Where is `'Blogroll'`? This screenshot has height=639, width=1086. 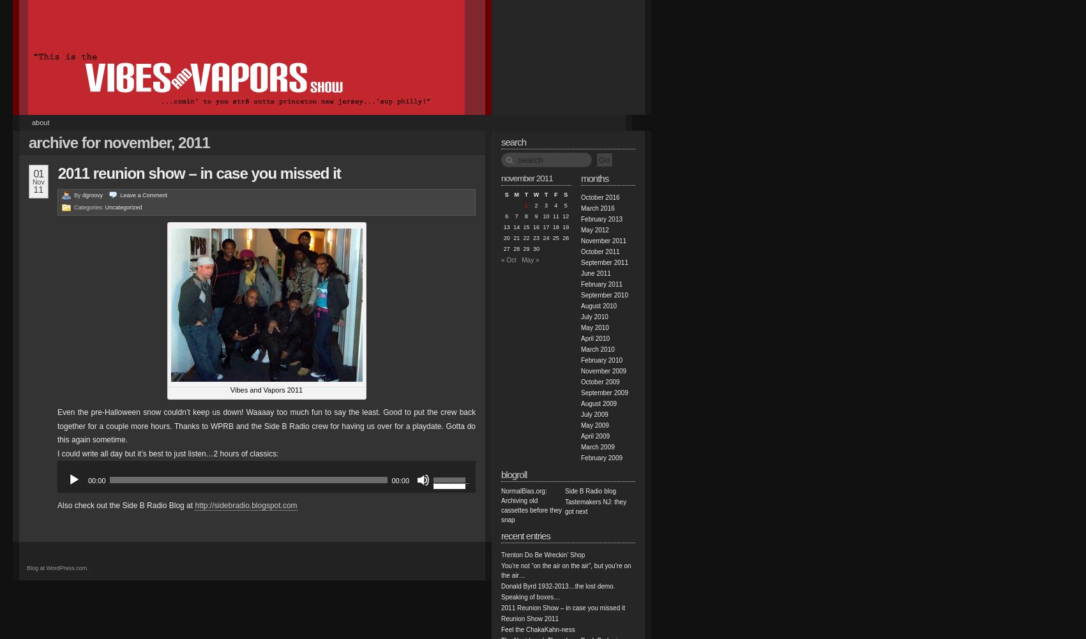 'Blogroll' is located at coordinates (514, 474).